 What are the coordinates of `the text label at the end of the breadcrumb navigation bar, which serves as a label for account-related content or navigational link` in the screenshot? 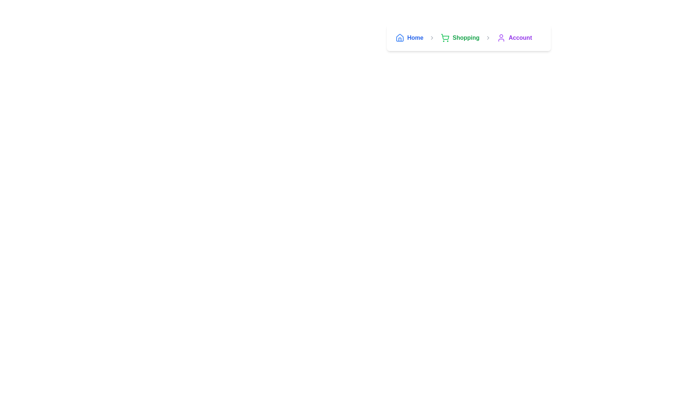 It's located at (520, 38).